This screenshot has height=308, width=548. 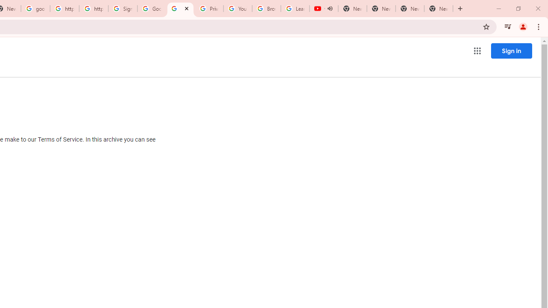 What do you see at coordinates (238, 9) in the screenshot?
I see `'YouTube'` at bounding box center [238, 9].